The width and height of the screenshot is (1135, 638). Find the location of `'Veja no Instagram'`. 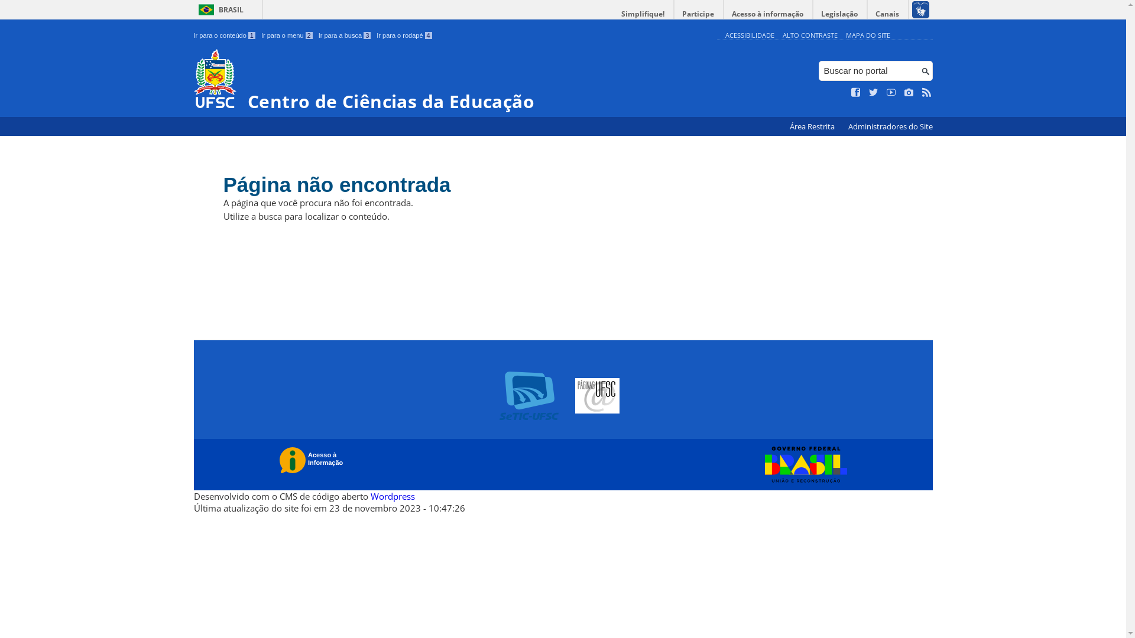

'Veja no Instagram' is located at coordinates (908, 92).